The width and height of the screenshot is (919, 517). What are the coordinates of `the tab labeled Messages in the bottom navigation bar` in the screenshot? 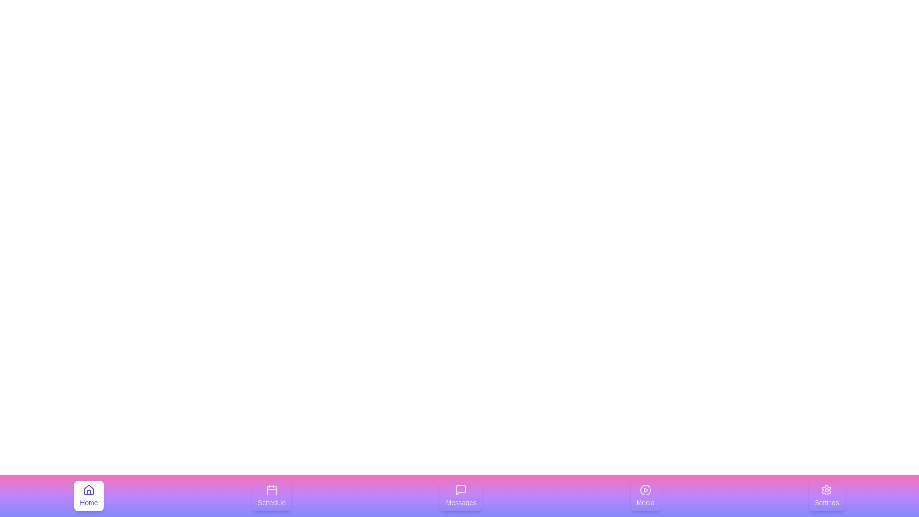 It's located at (461, 495).